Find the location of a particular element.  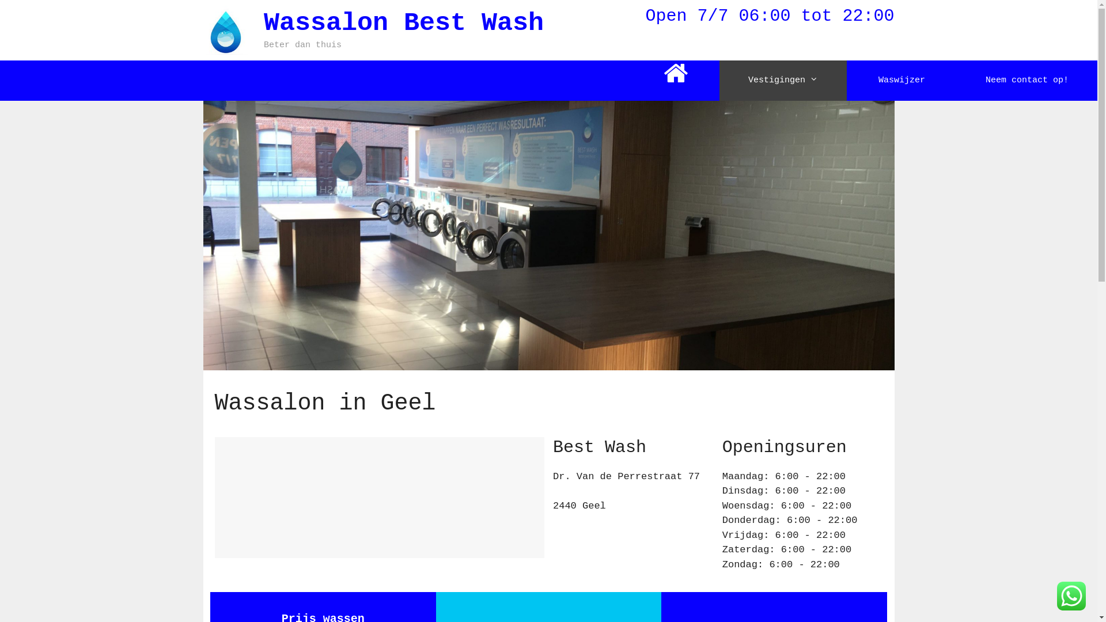

'Neem contact op!' is located at coordinates (1027, 79).